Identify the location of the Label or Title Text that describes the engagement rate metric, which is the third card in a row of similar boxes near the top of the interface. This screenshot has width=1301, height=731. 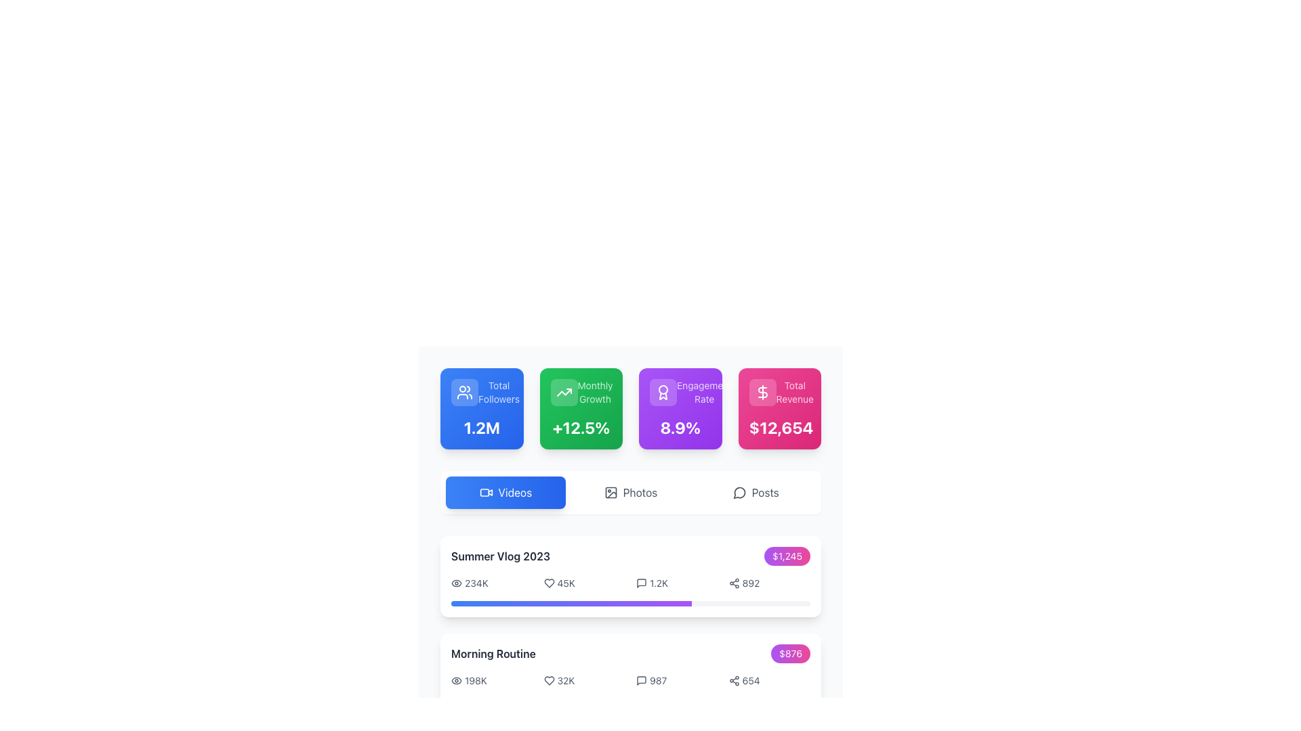
(680, 392).